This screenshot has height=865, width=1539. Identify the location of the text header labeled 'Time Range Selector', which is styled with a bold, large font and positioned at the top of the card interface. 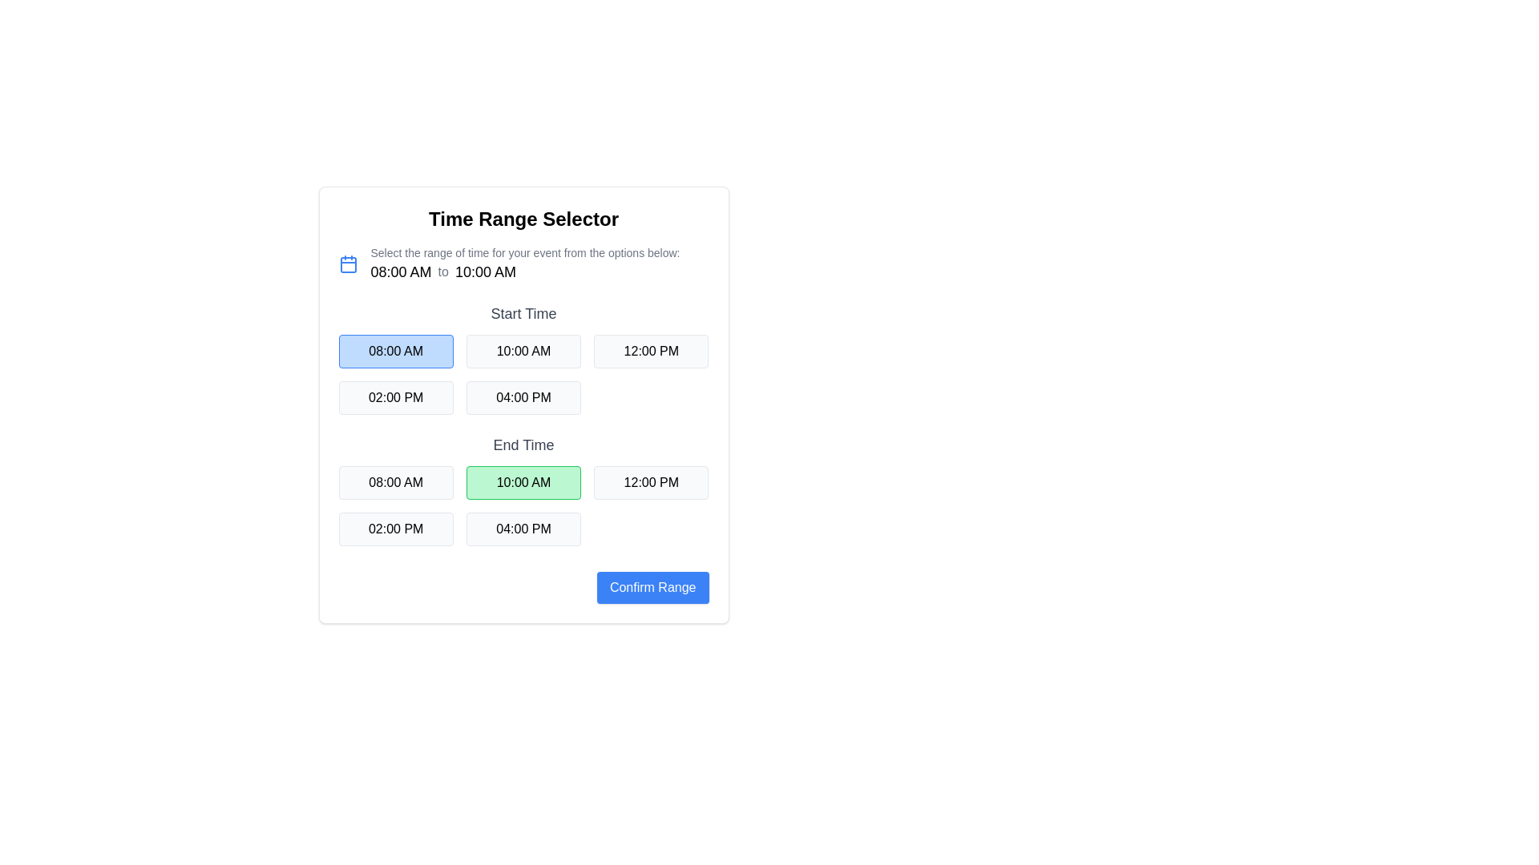
(523, 219).